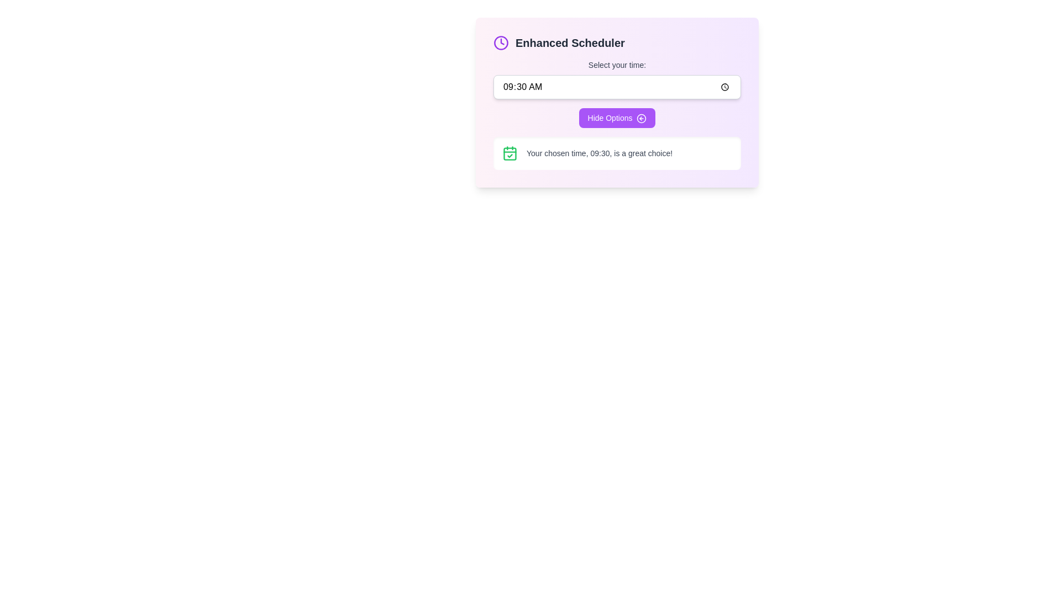  I want to click on the triangular marker that is part of the clock icon located in the top left section of the 'Enhanced Scheduler' card, so click(502, 41).